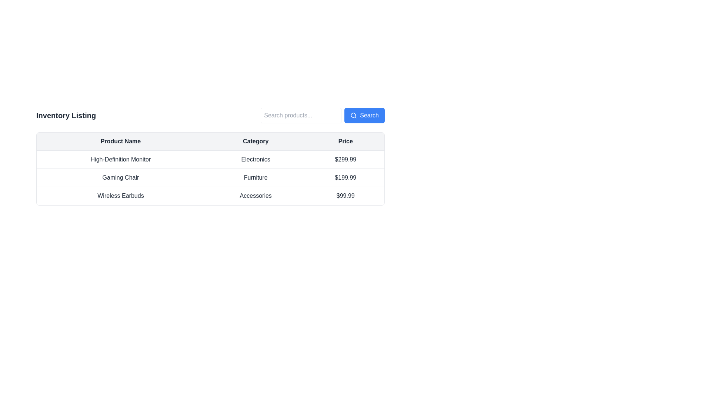 The height and width of the screenshot is (400, 711). I want to click on the 'Accessories' text label located in the middle column of the table under the 'Category' column, which is visually boxed and centered, so click(256, 195).